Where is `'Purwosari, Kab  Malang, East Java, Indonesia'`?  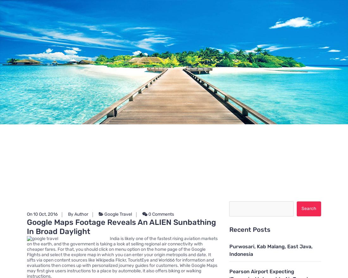 'Purwosari, Kab  Malang, East Java, Indonesia' is located at coordinates (270, 250).